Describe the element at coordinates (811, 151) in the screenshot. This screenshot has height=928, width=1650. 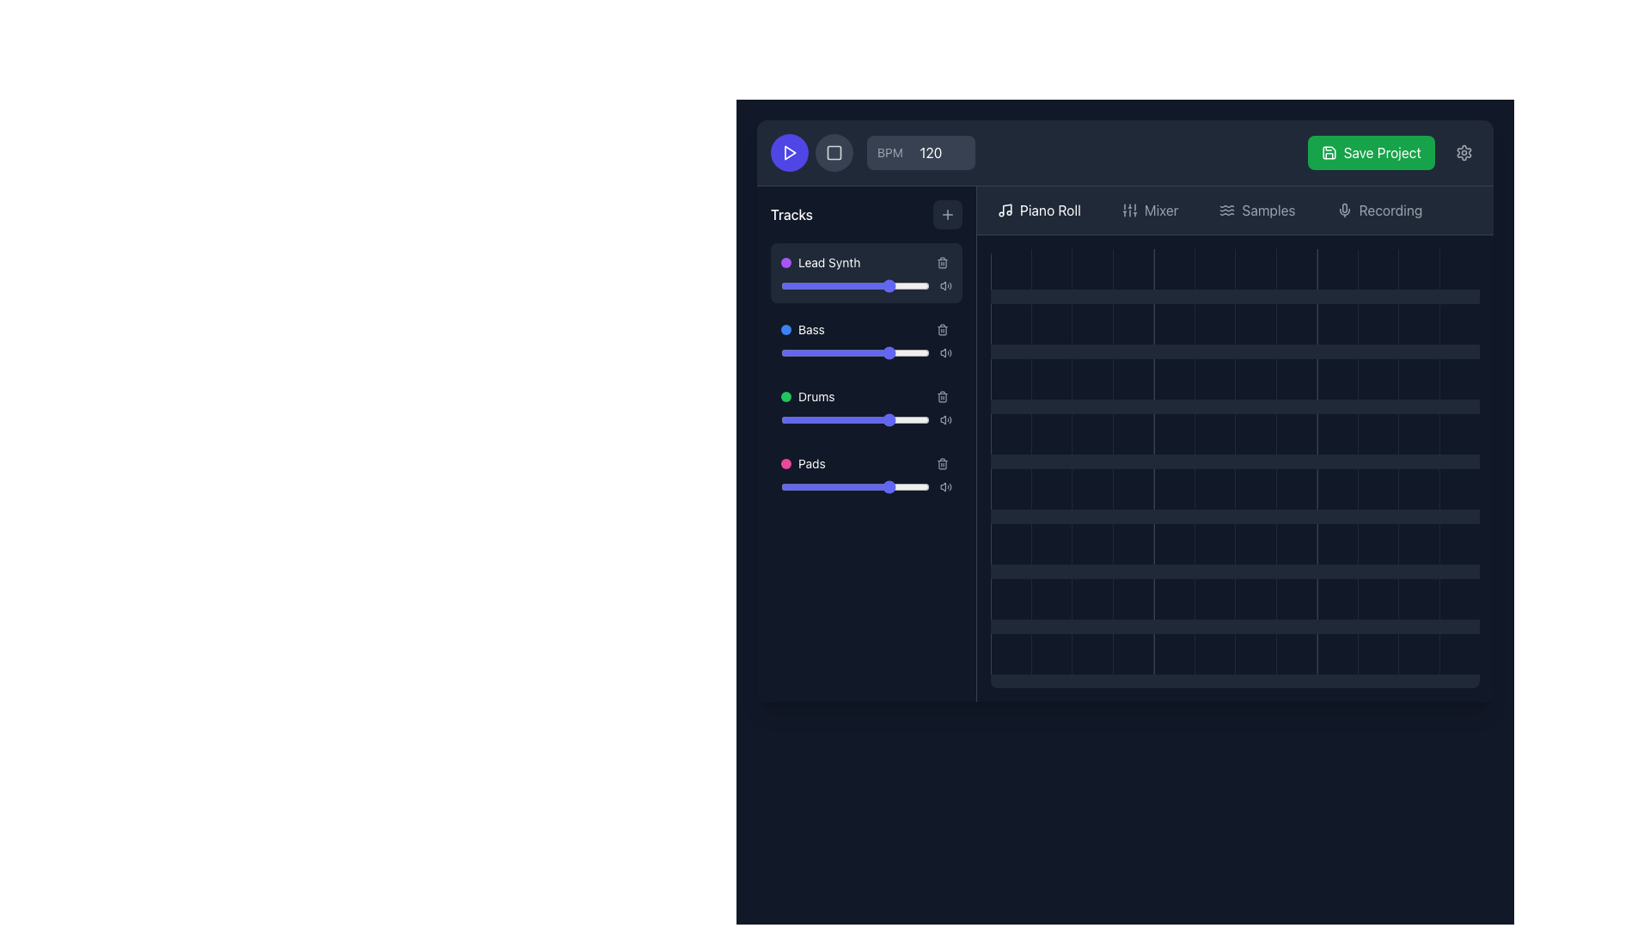
I see `the media control button group located at the top-left corner of the interface to possibly reveal tooltips` at that location.